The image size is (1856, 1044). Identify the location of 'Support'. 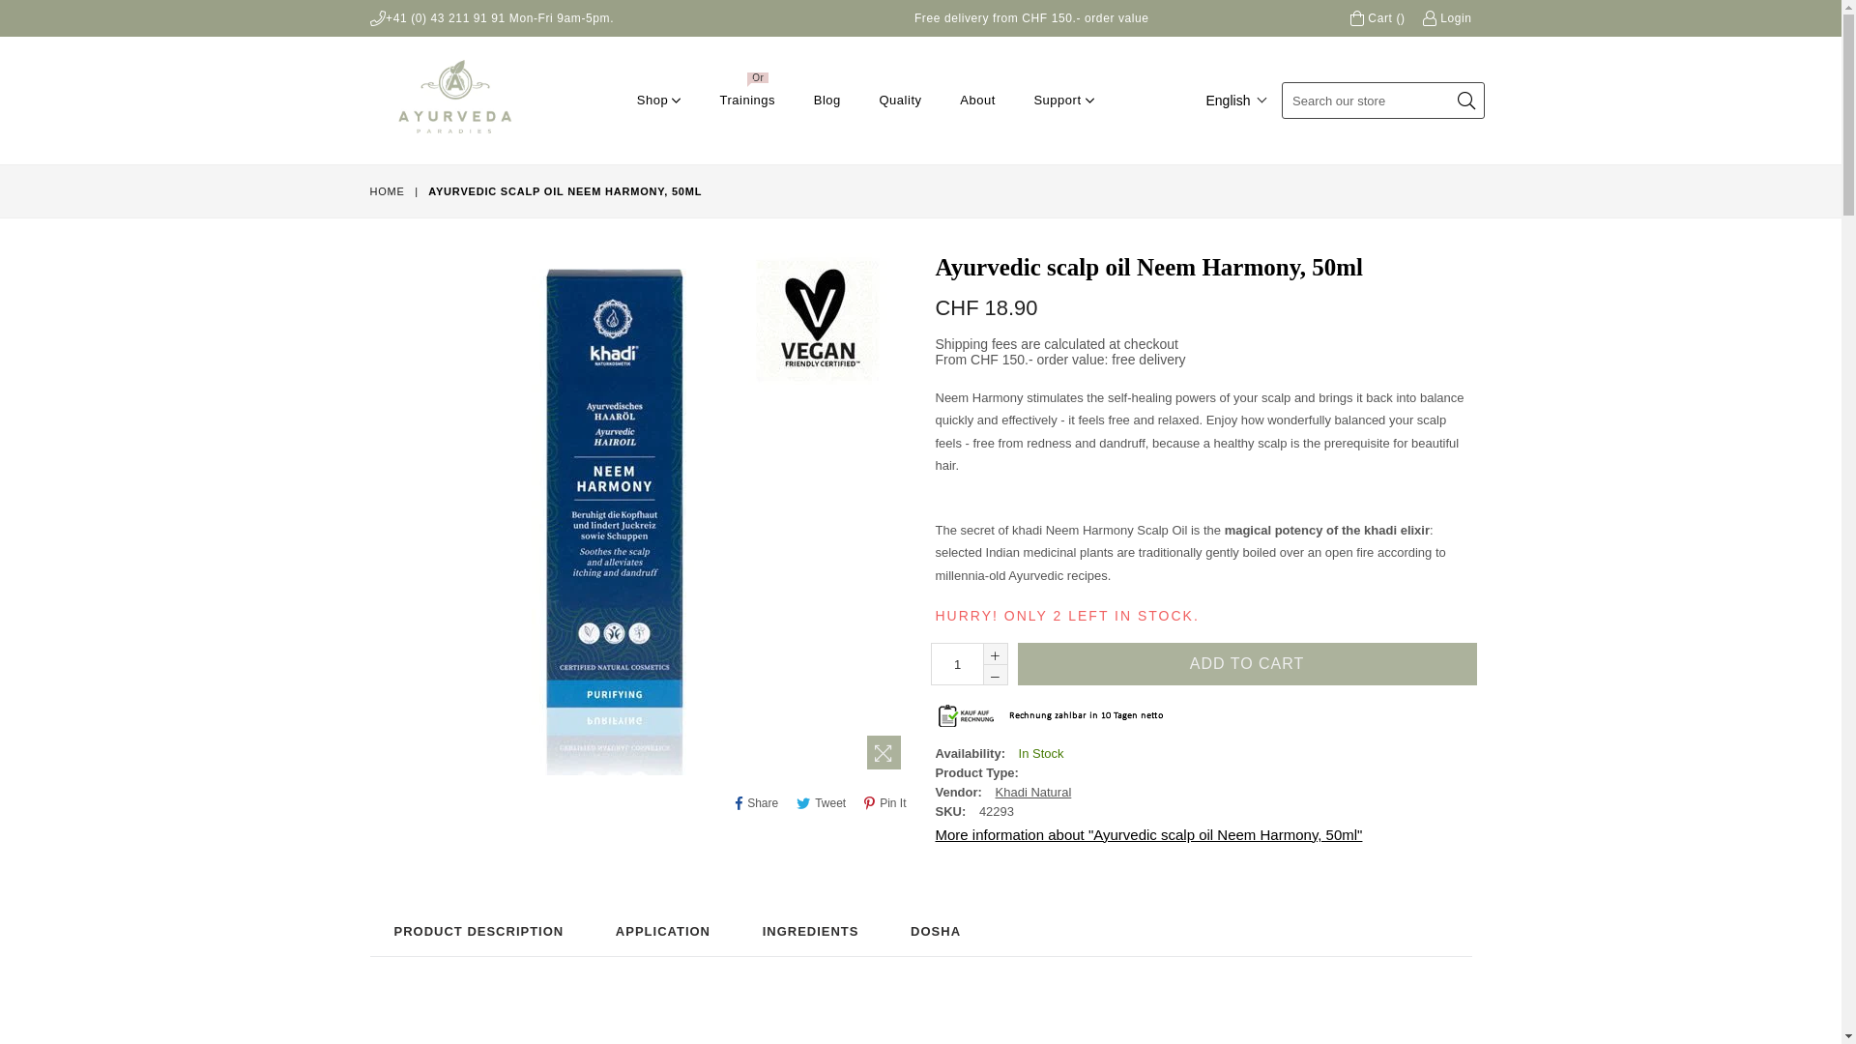
(1062, 101).